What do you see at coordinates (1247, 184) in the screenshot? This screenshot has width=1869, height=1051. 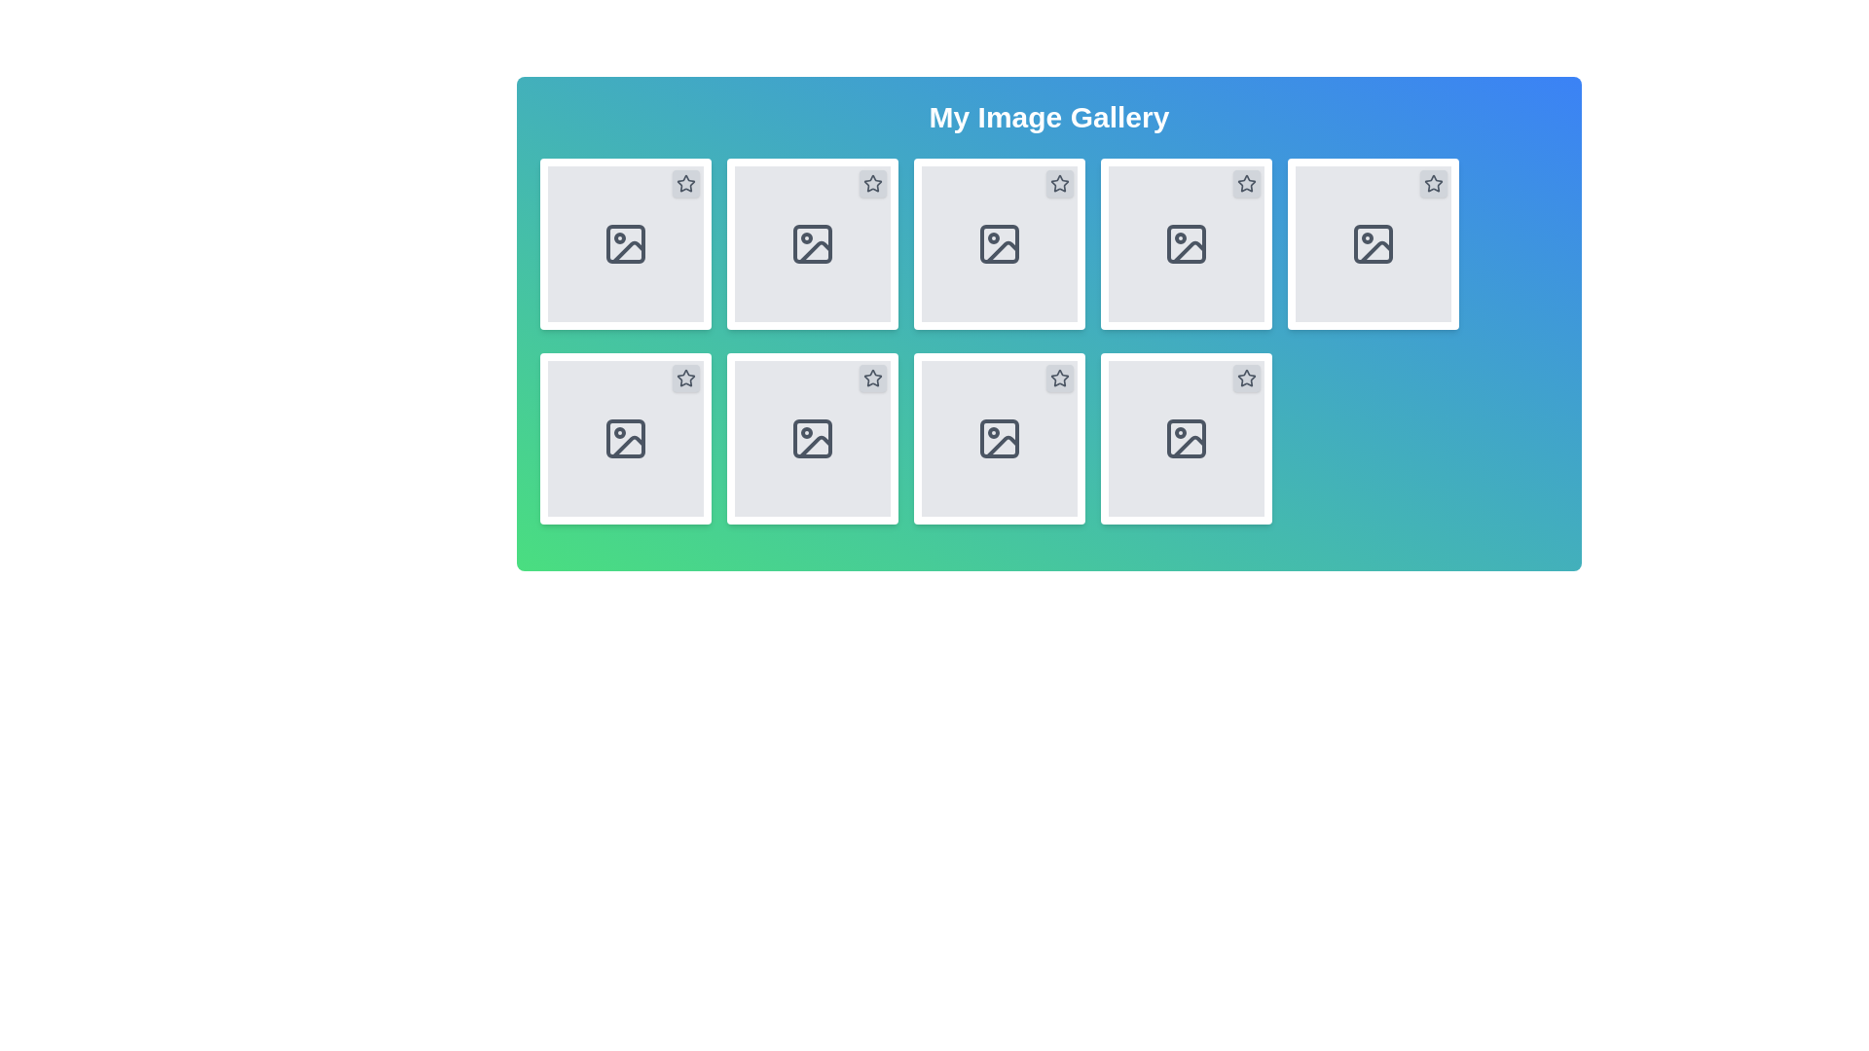 I see `the star icon button located in the top-right corner of the fourth card in the first row of the image gallery to mark the associated item as a favorite` at bounding box center [1247, 184].